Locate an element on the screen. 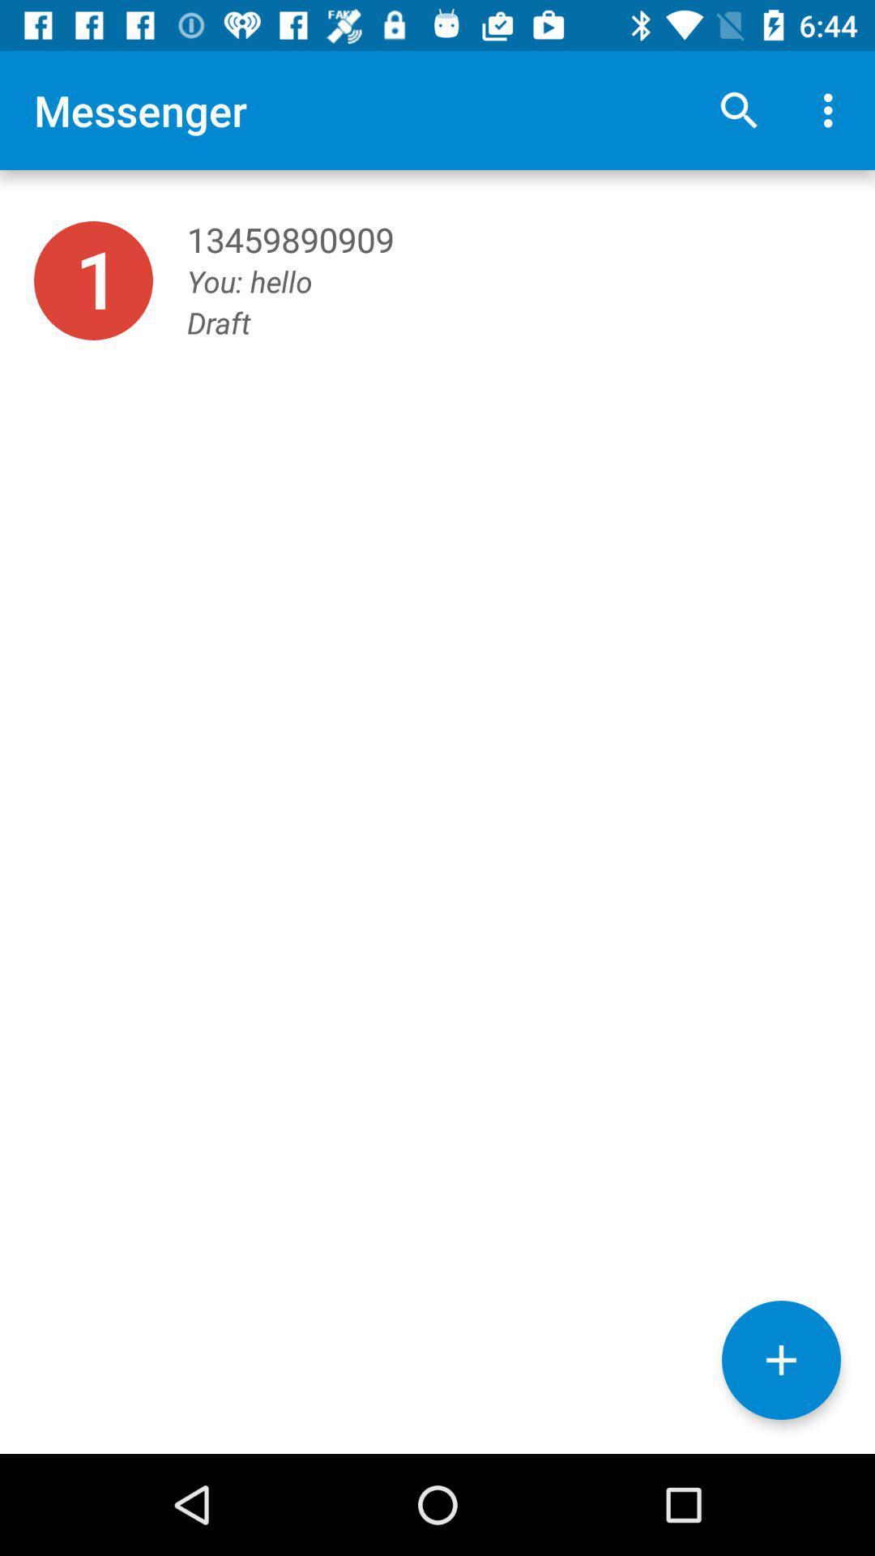  the item next to 13459890909 is located at coordinates (93, 280).